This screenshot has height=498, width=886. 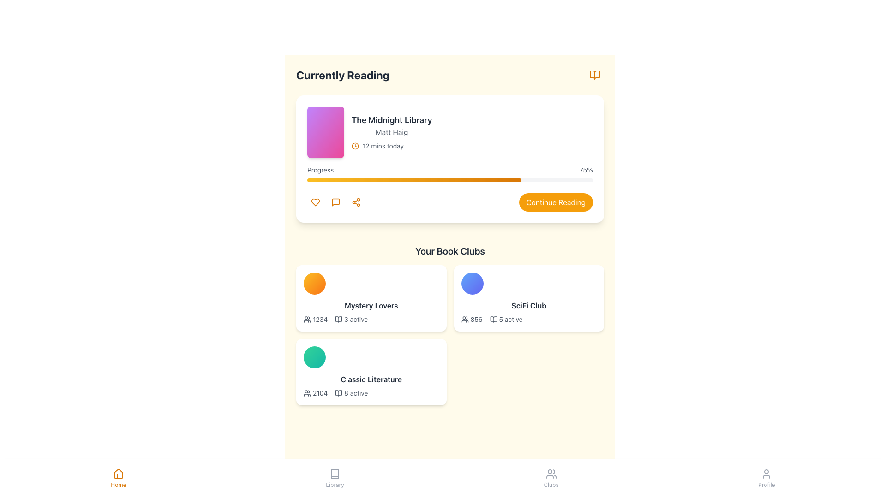 What do you see at coordinates (595, 74) in the screenshot?
I see `the open book button located in the top-right corner of the 'Currently Reading' section` at bounding box center [595, 74].